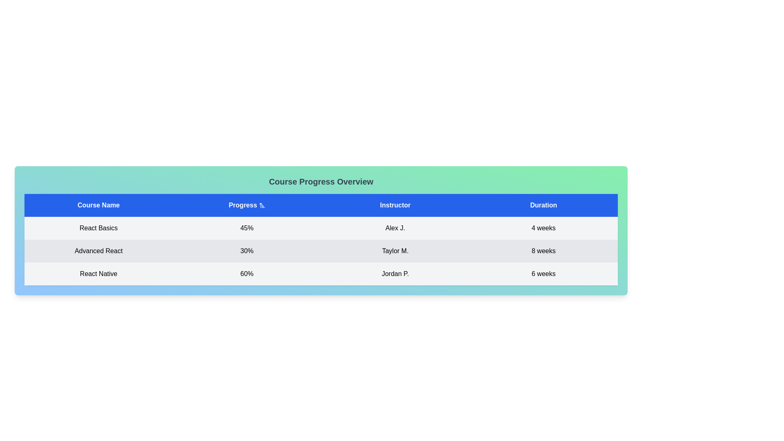 This screenshot has height=441, width=784. What do you see at coordinates (246, 228) in the screenshot?
I see `the text display showing '45%' in bold, black text, which is part of the 'Progress %' column in the first data row of the table` at bounding box center [246, 228].